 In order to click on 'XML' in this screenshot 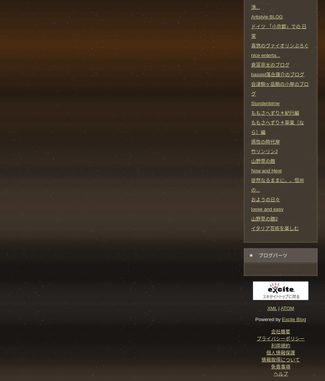, I will do `click(271, 307)`.